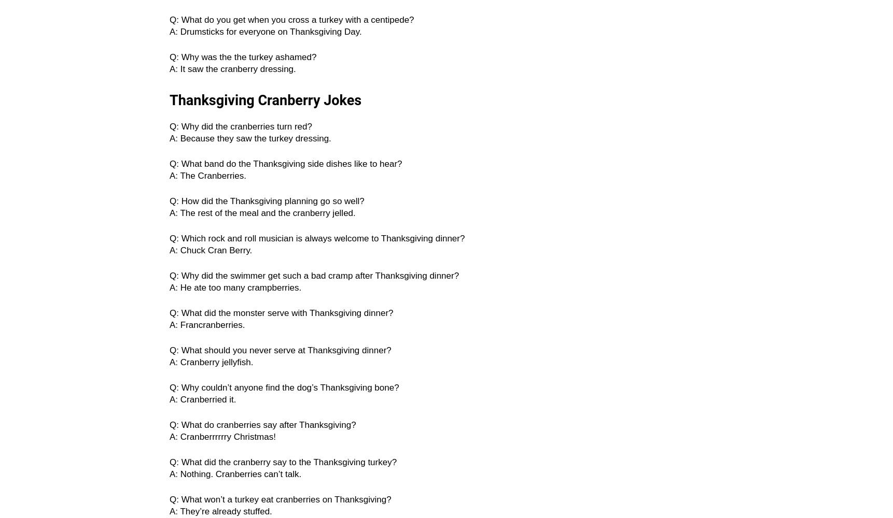 The height and width of the screenshot is (518, 893). I want to click on 'A: Nothing. Cranberries can’t talk.', so click(169, 474).